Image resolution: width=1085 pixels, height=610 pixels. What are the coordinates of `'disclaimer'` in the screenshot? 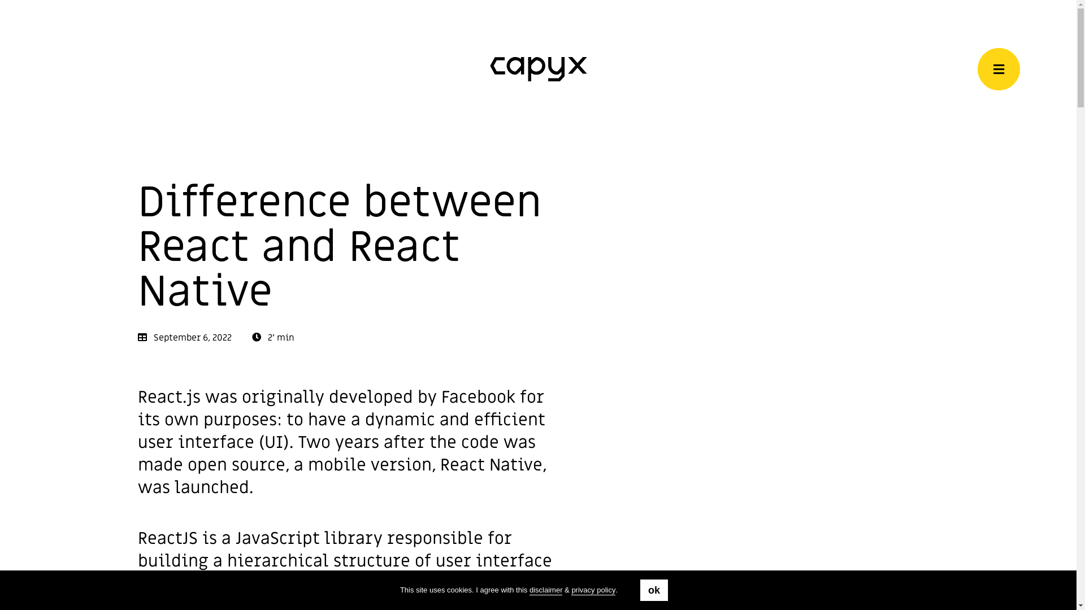 It's located at (546, 590).